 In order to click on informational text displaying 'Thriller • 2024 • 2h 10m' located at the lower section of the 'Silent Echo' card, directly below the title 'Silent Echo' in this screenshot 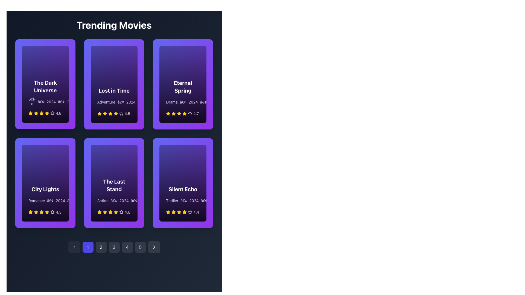, I will do `click(183, 201)`.